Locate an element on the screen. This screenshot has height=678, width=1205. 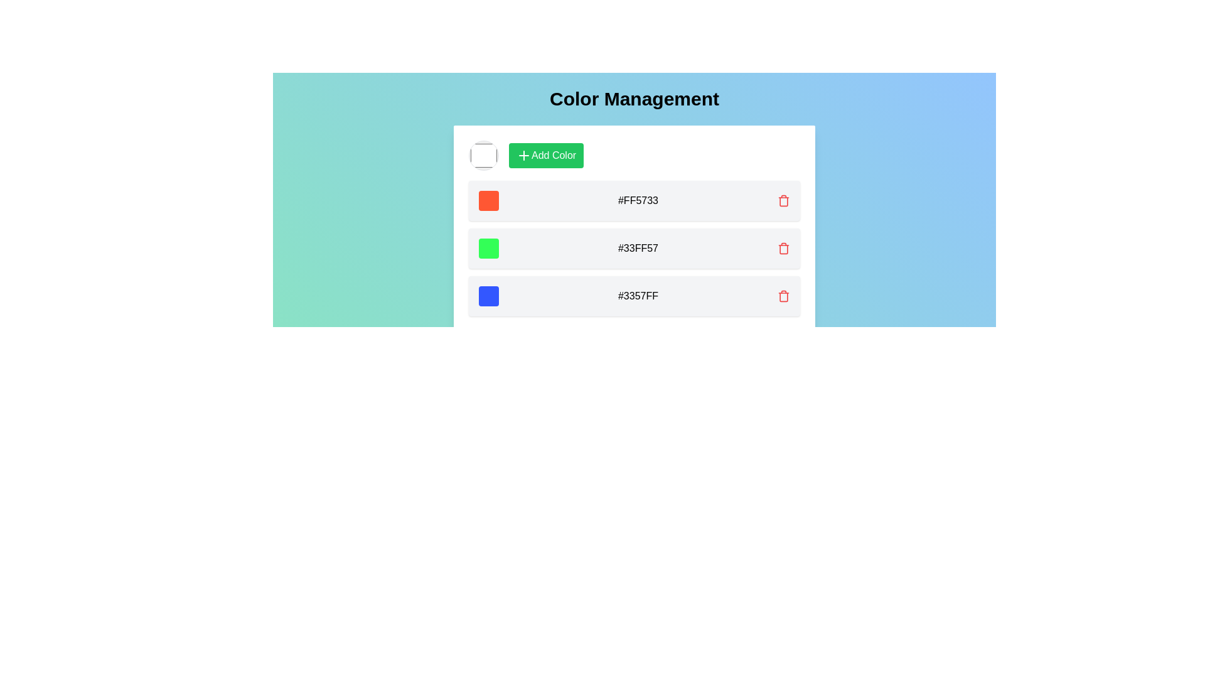
the button used to initiate the addition of a new color, which is located in the top horizontal section of the card interface is located at coordinates (546, 154).